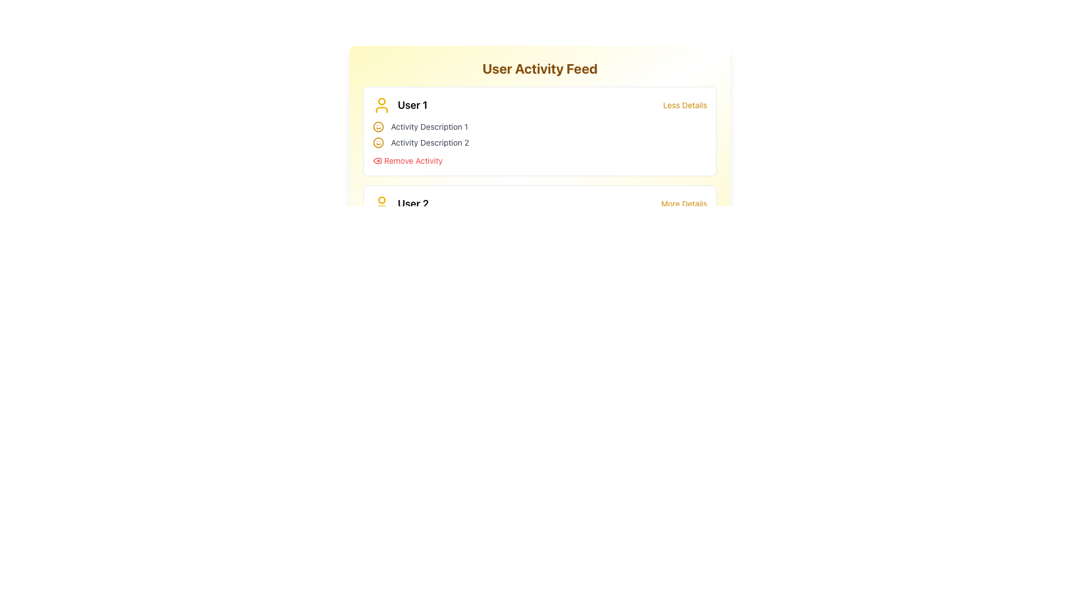  What do you see at coordinates (412, 105) in the screenshot?
I see `the displayed name 'User 1' in the text label, which is styled in bold and large font, located to the right of the user profile icon in the User Activity Feed` at bounding box center [412, 105].